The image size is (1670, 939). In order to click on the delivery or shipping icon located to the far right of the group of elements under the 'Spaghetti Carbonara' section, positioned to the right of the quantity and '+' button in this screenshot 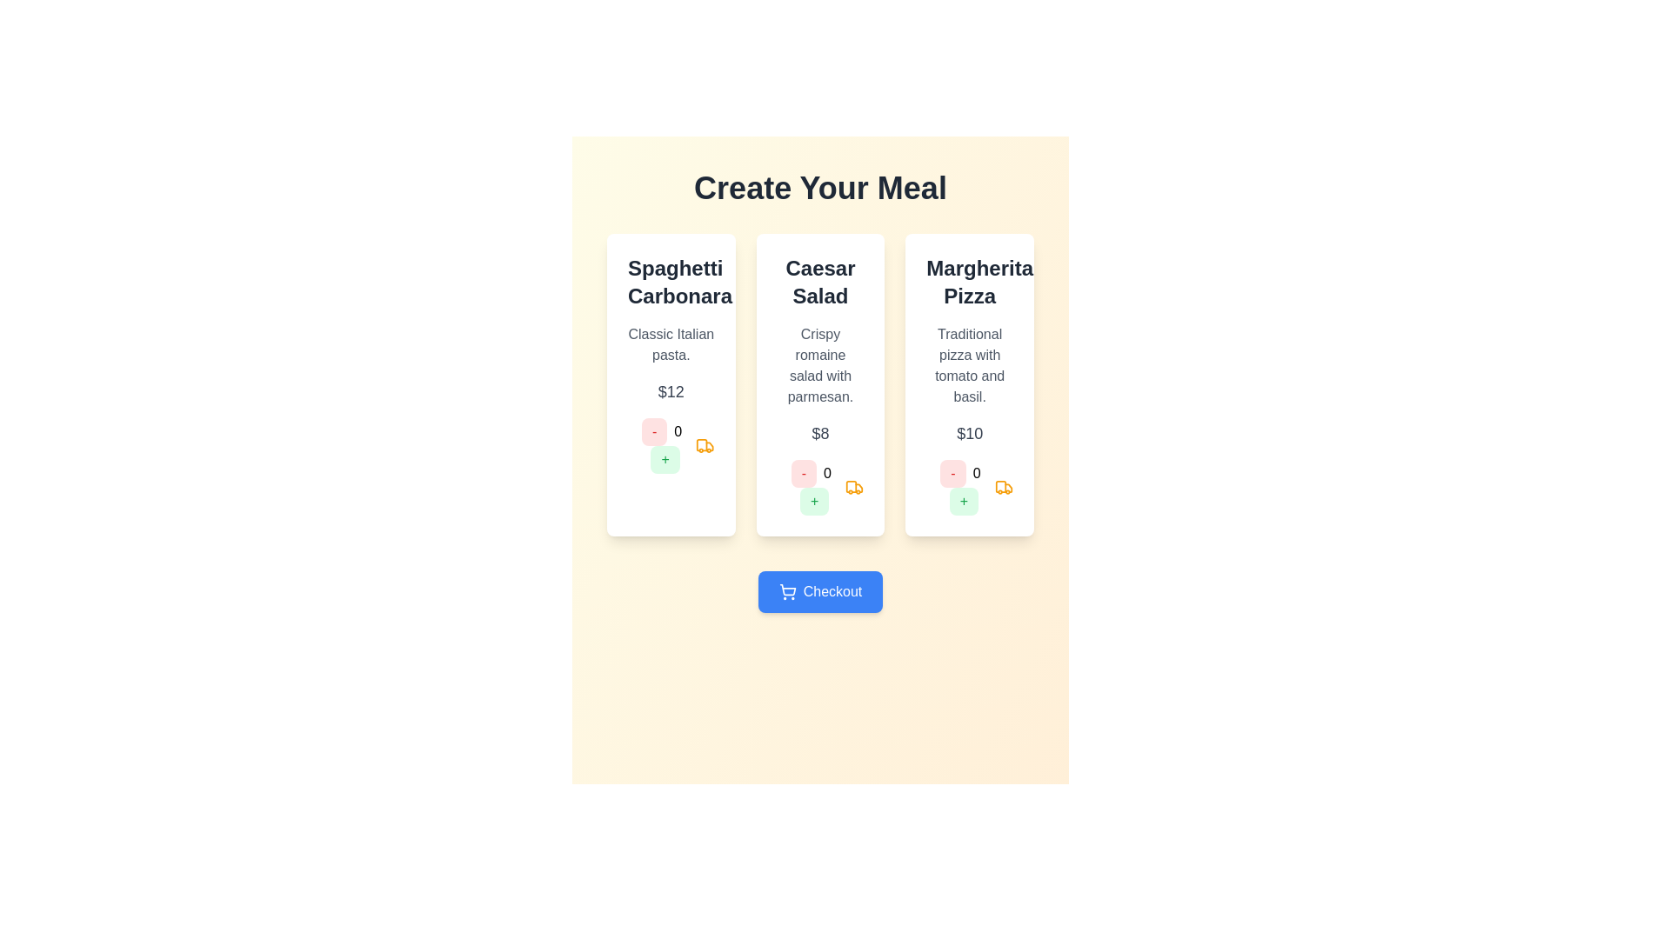, I will do `click(705, 445)`.